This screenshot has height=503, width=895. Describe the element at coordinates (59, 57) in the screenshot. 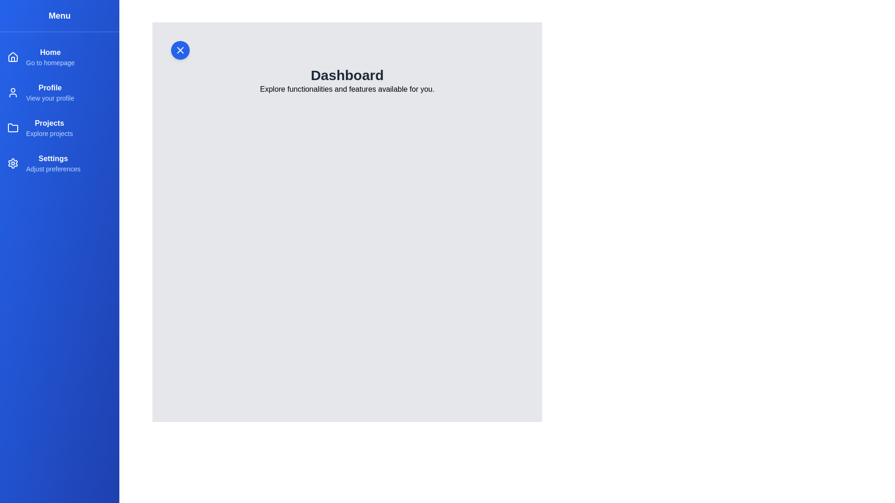

I see `the menu item Home to view its description` at that location.